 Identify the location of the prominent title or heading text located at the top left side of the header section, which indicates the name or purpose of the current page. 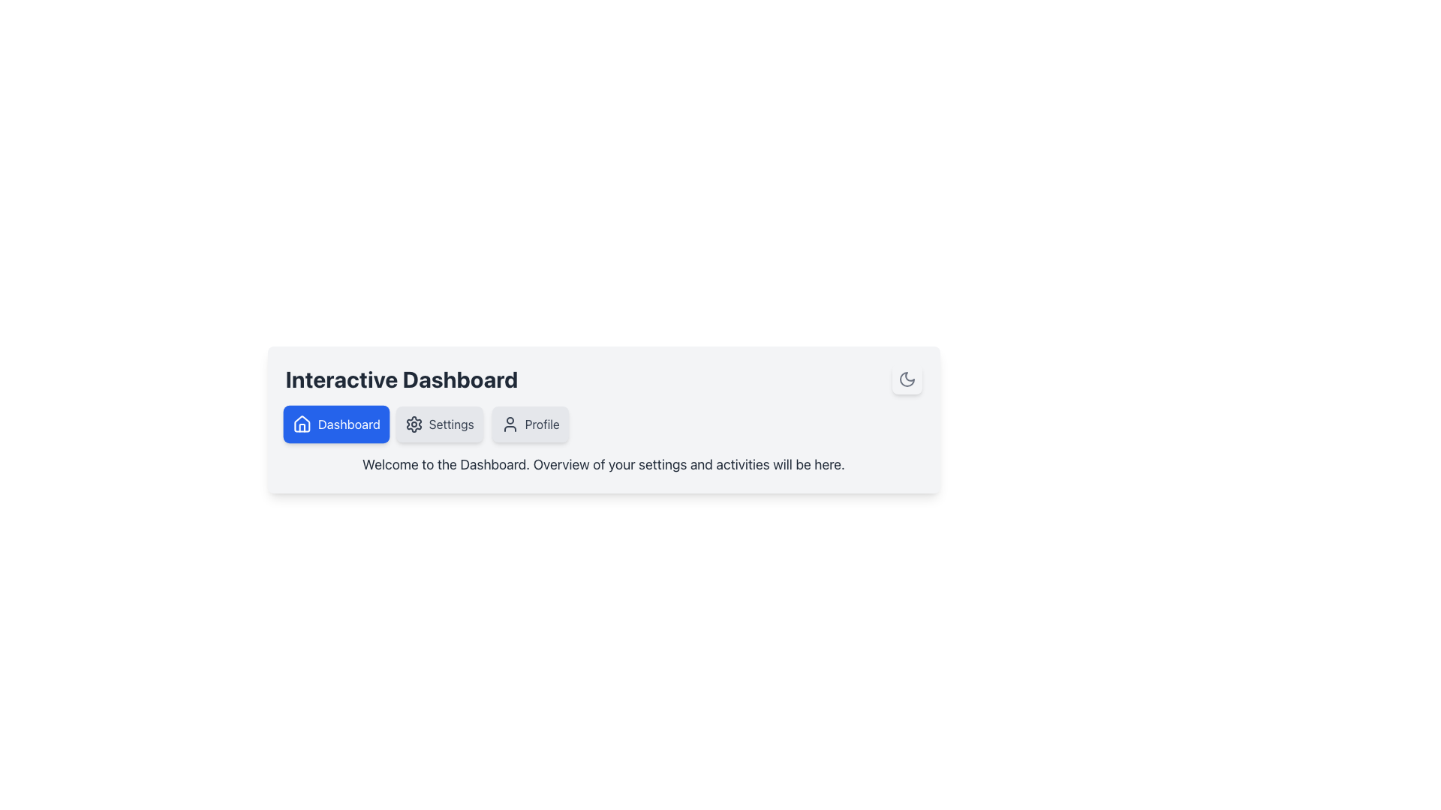
(402, 378).